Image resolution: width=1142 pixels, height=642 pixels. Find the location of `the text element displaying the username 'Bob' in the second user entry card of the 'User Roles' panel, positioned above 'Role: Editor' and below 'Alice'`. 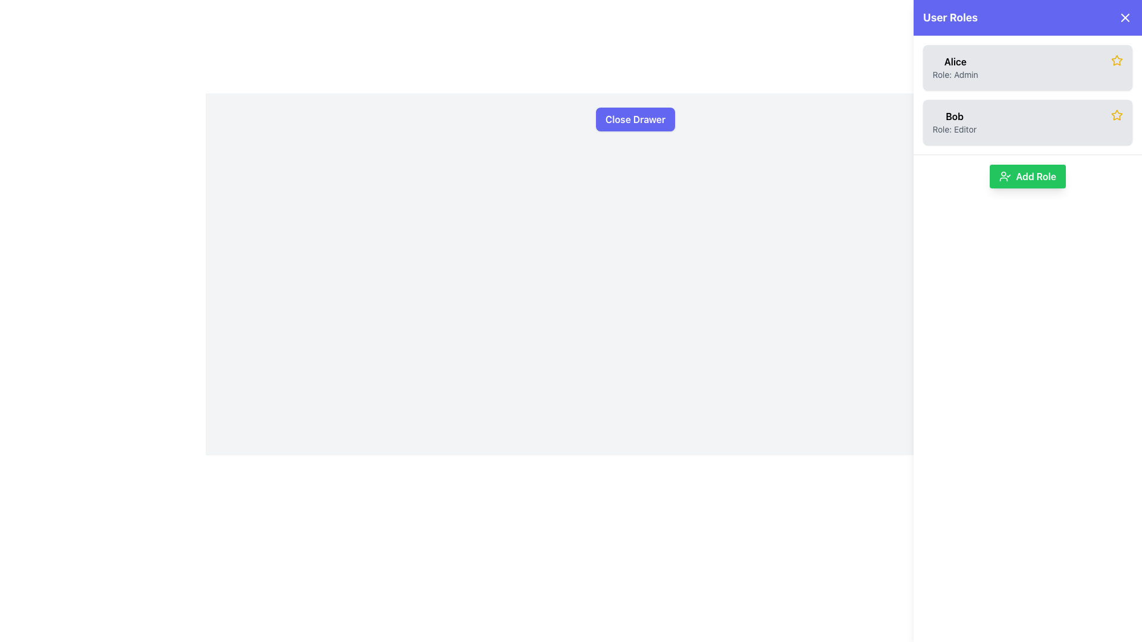

the text element displaying the username 'Bob' in the second user entry card of the 'User Roles' panel, positioned above 'Role: Editor' and below 'Alice' is located at coordinates (954, 117).